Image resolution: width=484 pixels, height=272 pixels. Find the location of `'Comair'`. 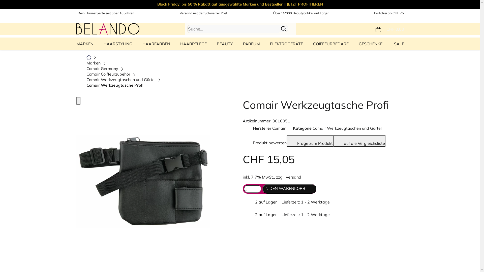

'Comair' is located at coordinates (279, 128).